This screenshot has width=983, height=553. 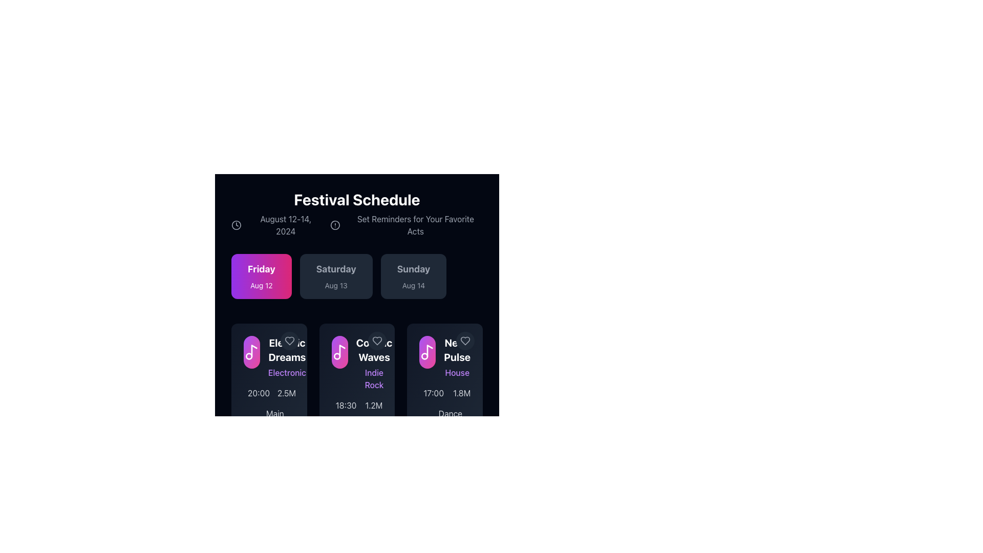 I want to click on heart icon used for marking favorites in the 'Sunday' schedule under 'Ne Pulse', so click(x=464, y=341).